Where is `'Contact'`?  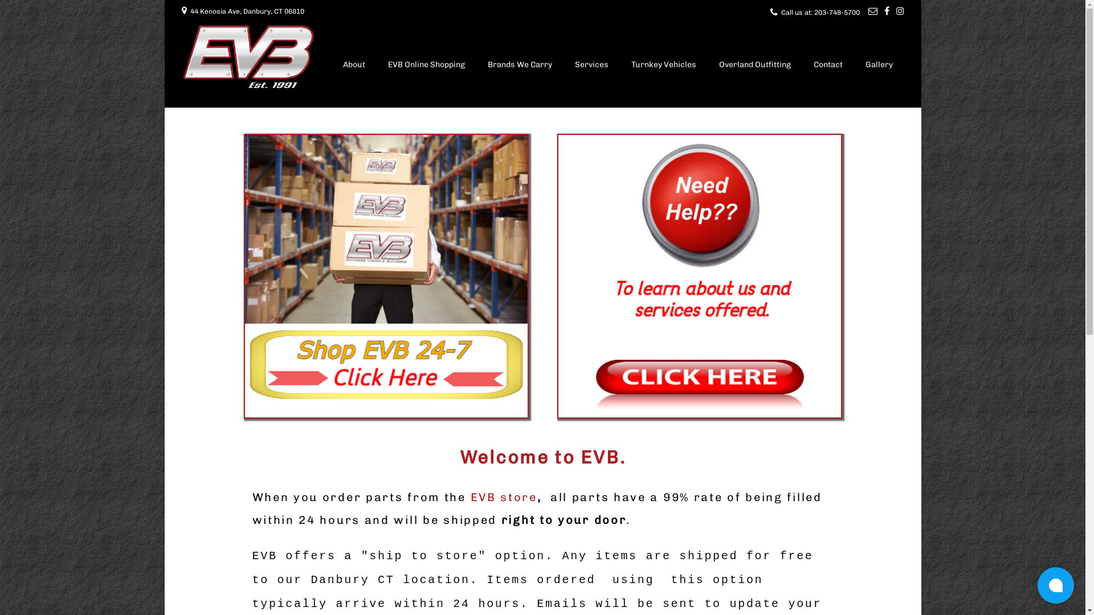 'Contact' is located at coordinates (828, 65).